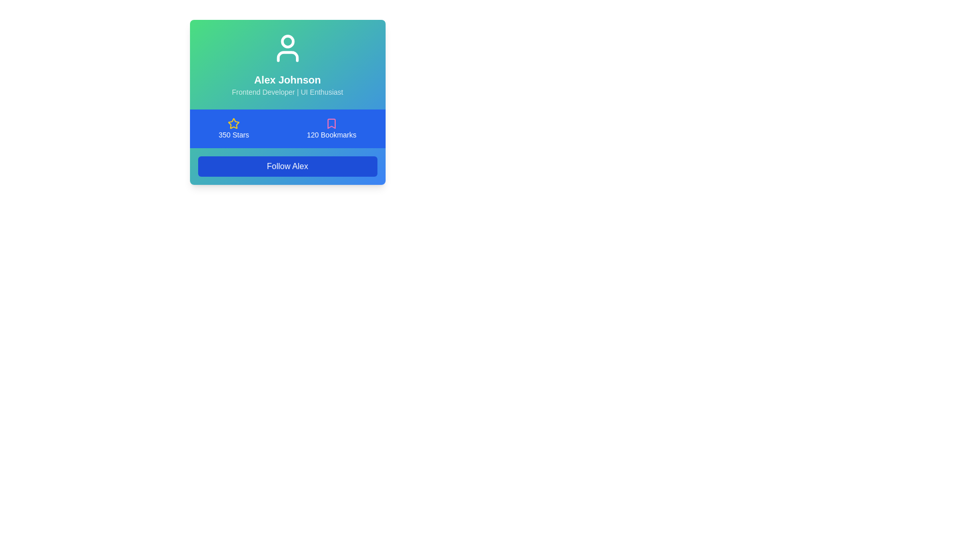 Image resolution: width=978 pixels, height=550 pixels. What do you see at coordinates (332, 123) in the screenshot?
I see `the bookmark SVG icon, which is positioned to the right of the star icon and above the '120 Bookmarks' text within a blue section of the UI card` at bounding box center [332, 123].